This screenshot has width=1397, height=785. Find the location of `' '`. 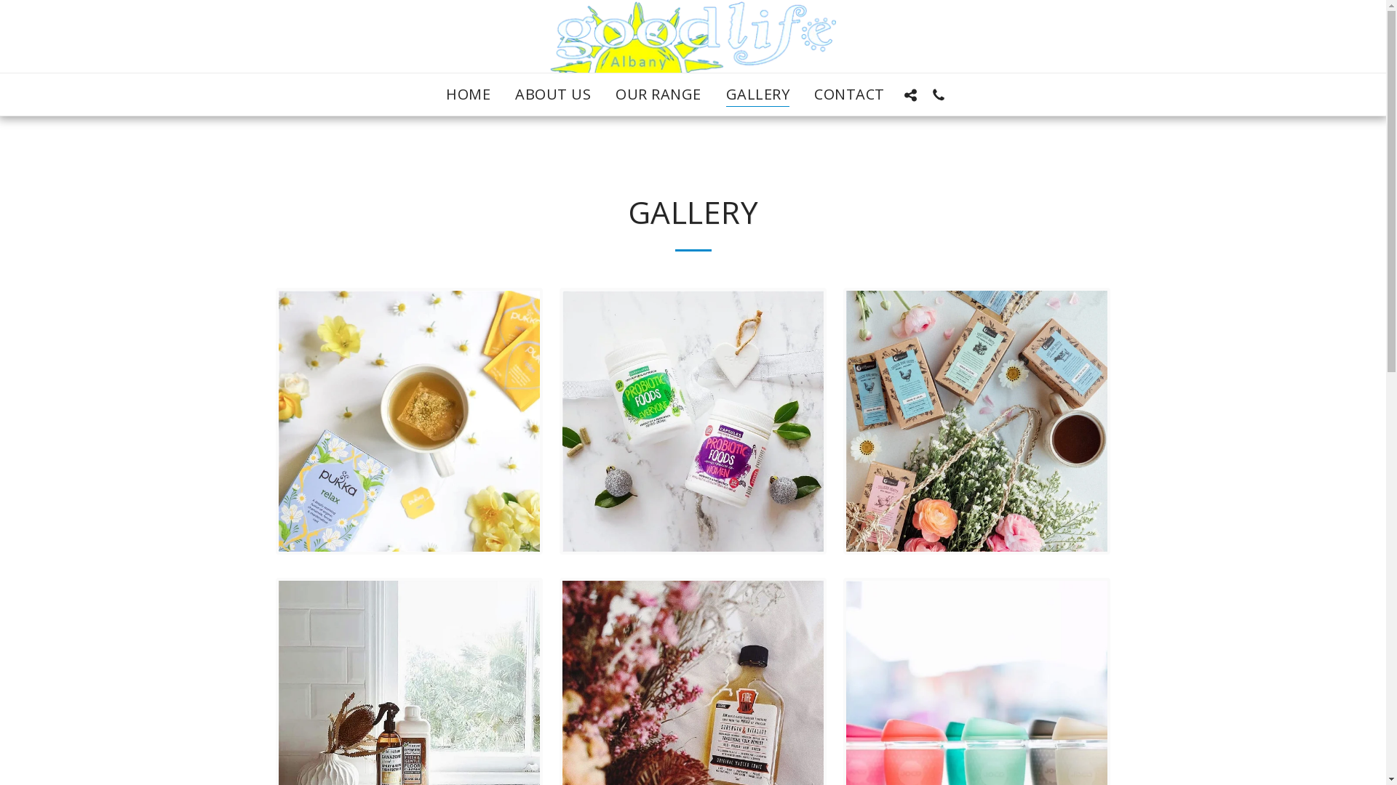

' ' is located at coordinates (939, 94).